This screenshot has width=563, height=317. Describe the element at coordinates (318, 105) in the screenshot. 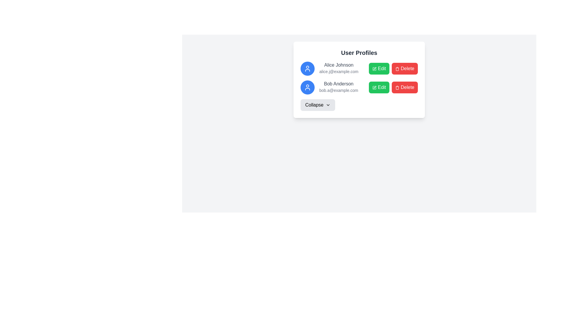

I see `the 'Collapse' button, which has a downward-pointing chevron icon and is styled with rounded corners and a gray background` at that location.